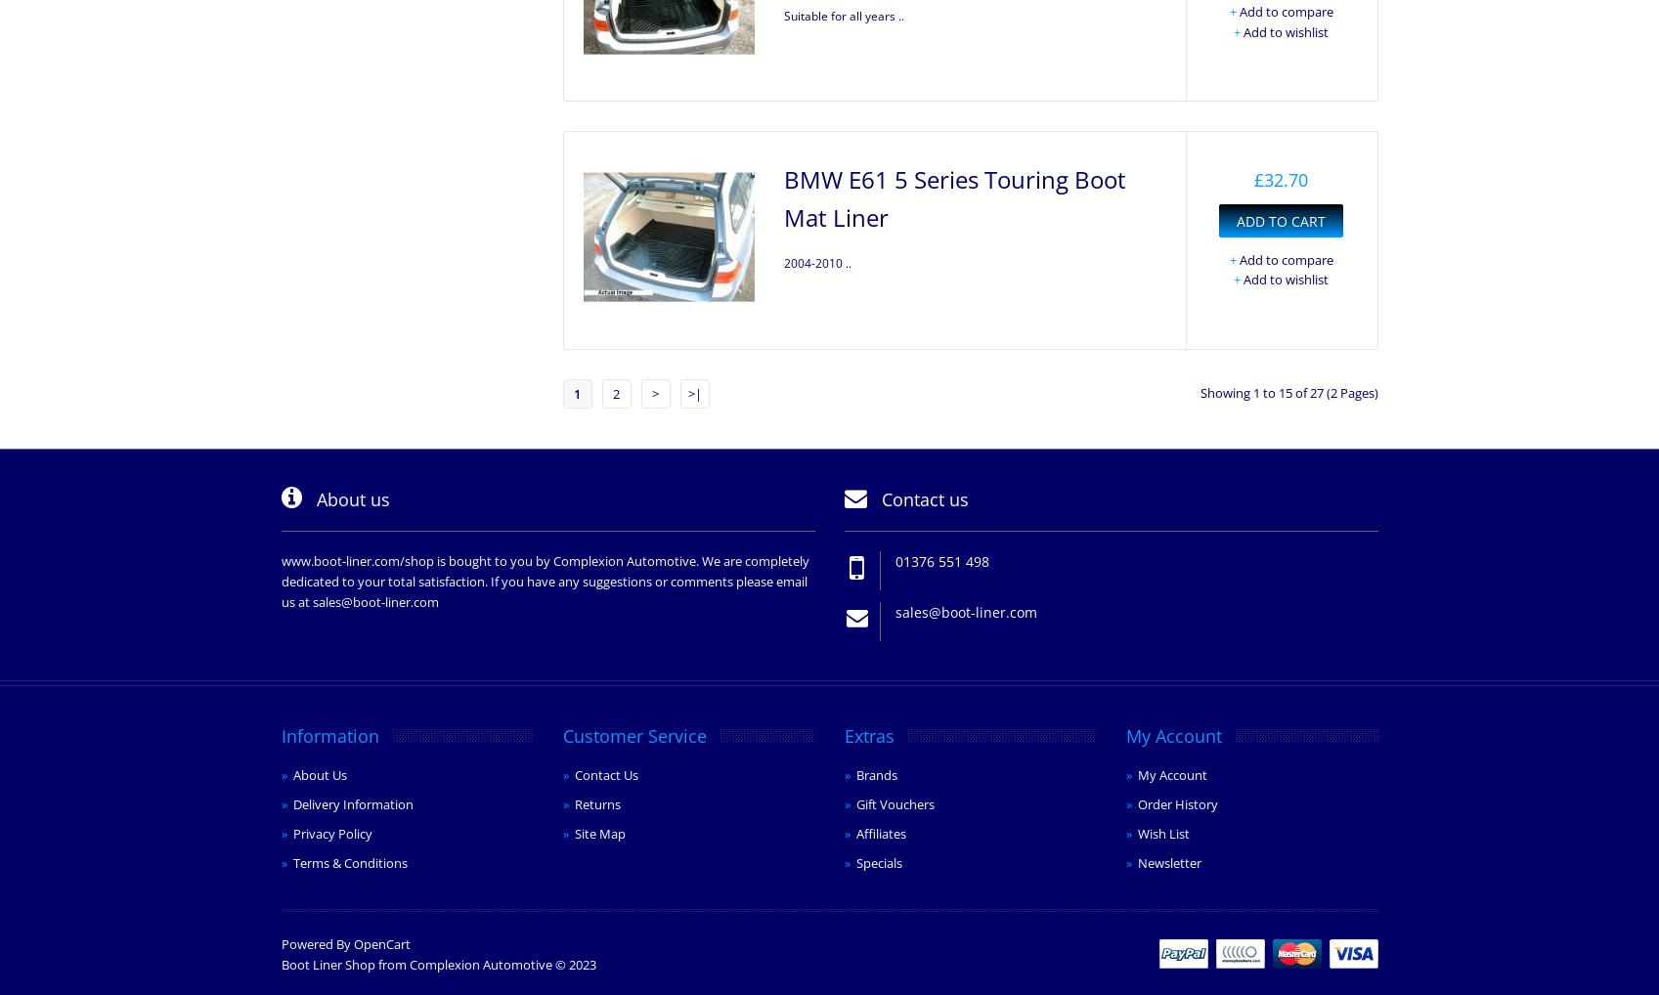 Image resolution: width=1659 pixels, height=995 pixels. What do you see at coordinates (576, 393) in the screenshot?
I see `'1'` at bounding box center [576, 393].